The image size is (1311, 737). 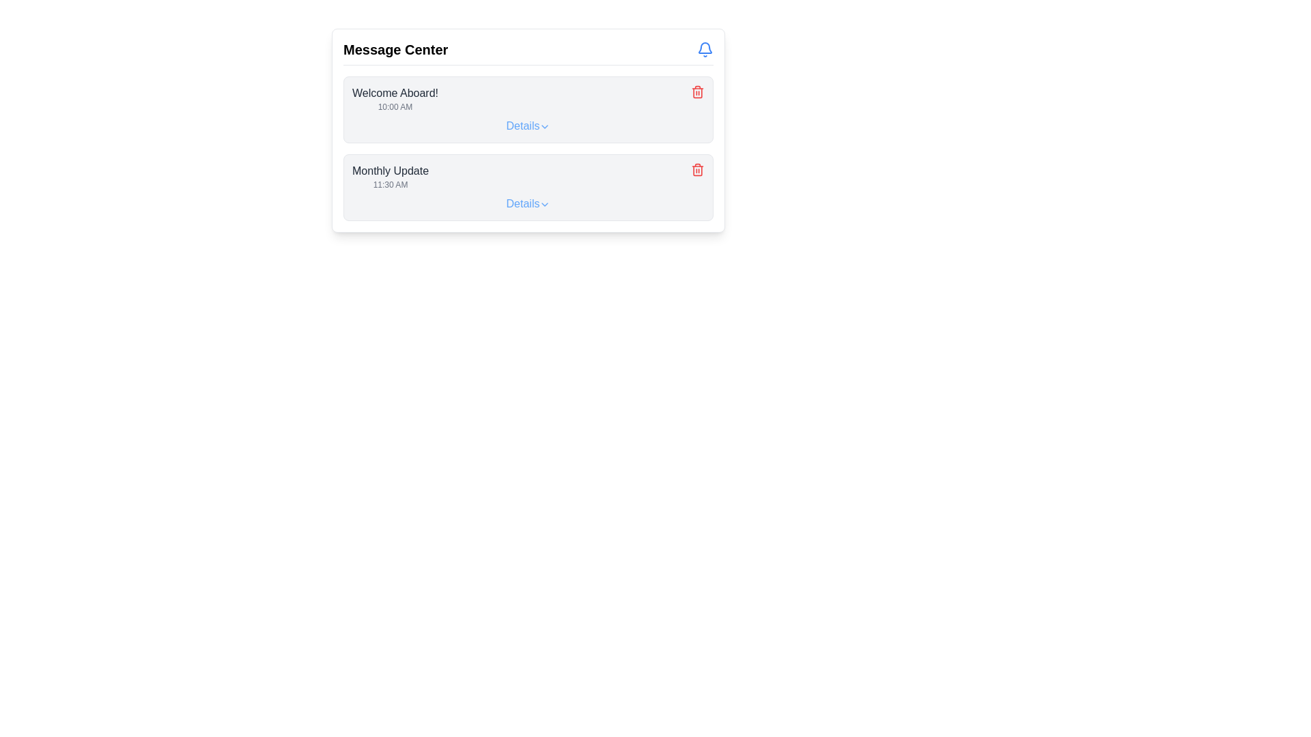 What do you see at coordinates (395, 106) in the screenshot?
I see `the text label displaying '10:00 AM' in light gray color, located directly below the 'Welcome Aboard!' text within the first message card under the 'Message Center' heading` at bounding box center [395, 106].